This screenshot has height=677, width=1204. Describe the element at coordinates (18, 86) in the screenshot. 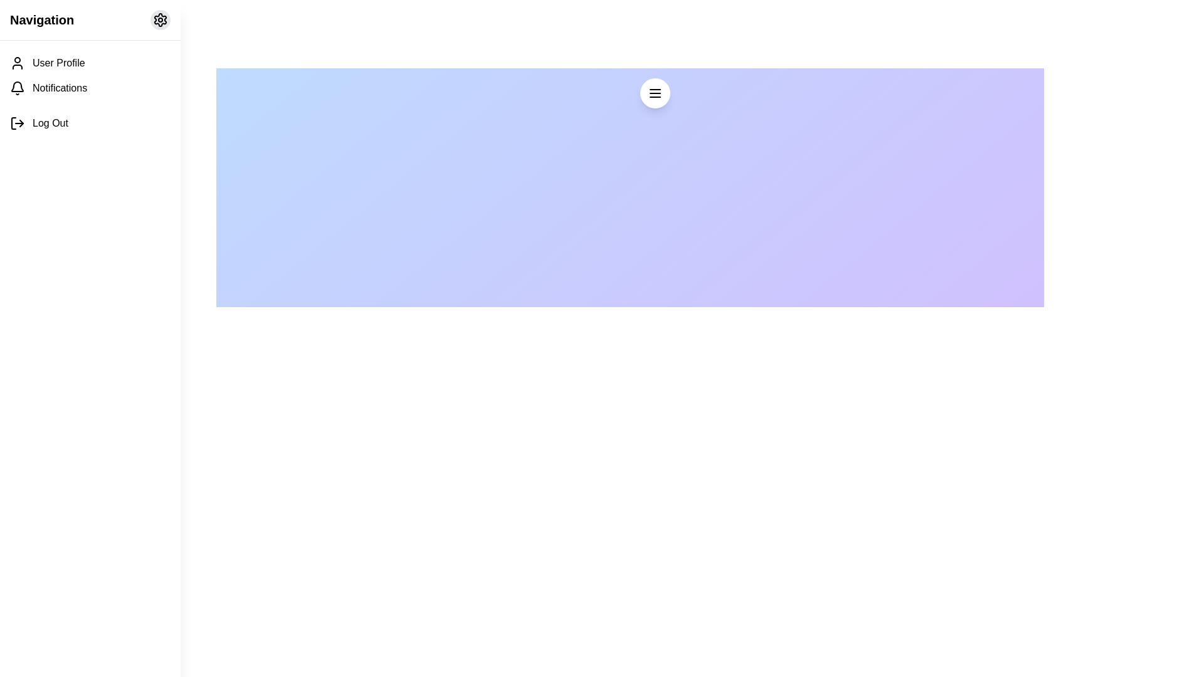

I see `the notifications icon located in the navigation sidebar, which is the second icon below the 'User Profile' icon and above the 'Log Out' icon` at that location.